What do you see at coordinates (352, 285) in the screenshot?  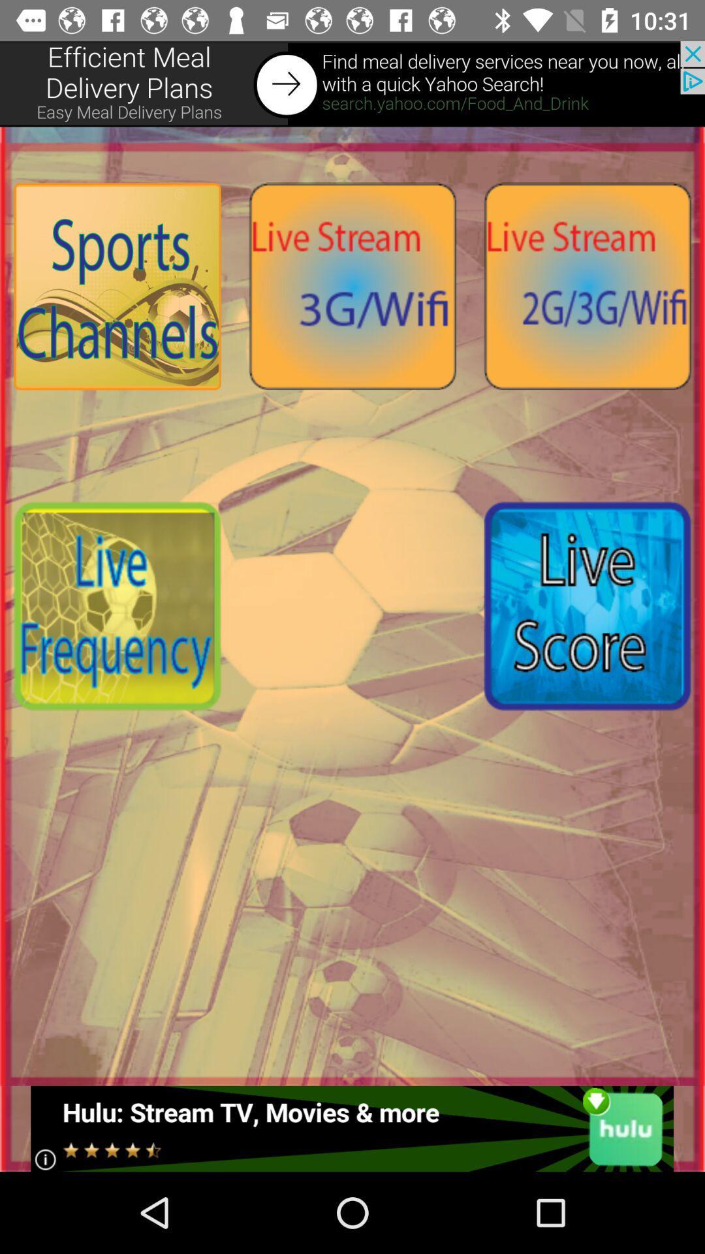 I see `open live stream` at bounding box center [352, 285].